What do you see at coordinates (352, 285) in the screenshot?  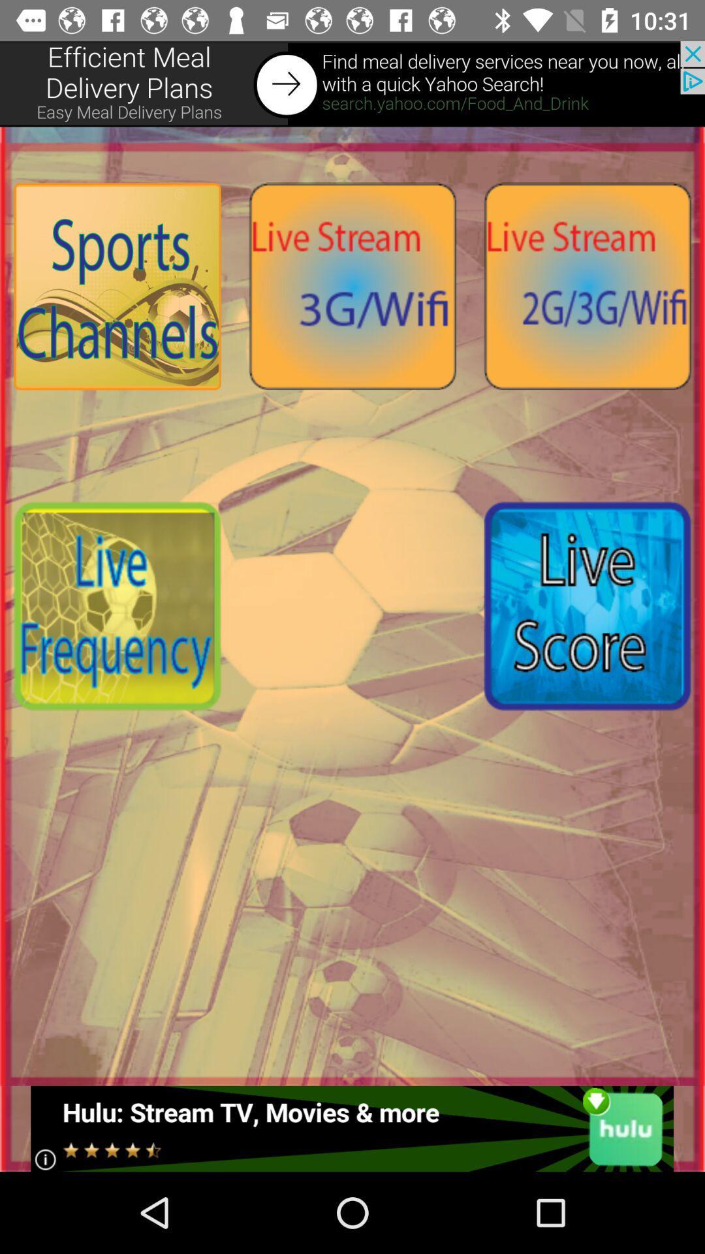 I see `open live stream` at bounding box center [352, 285].